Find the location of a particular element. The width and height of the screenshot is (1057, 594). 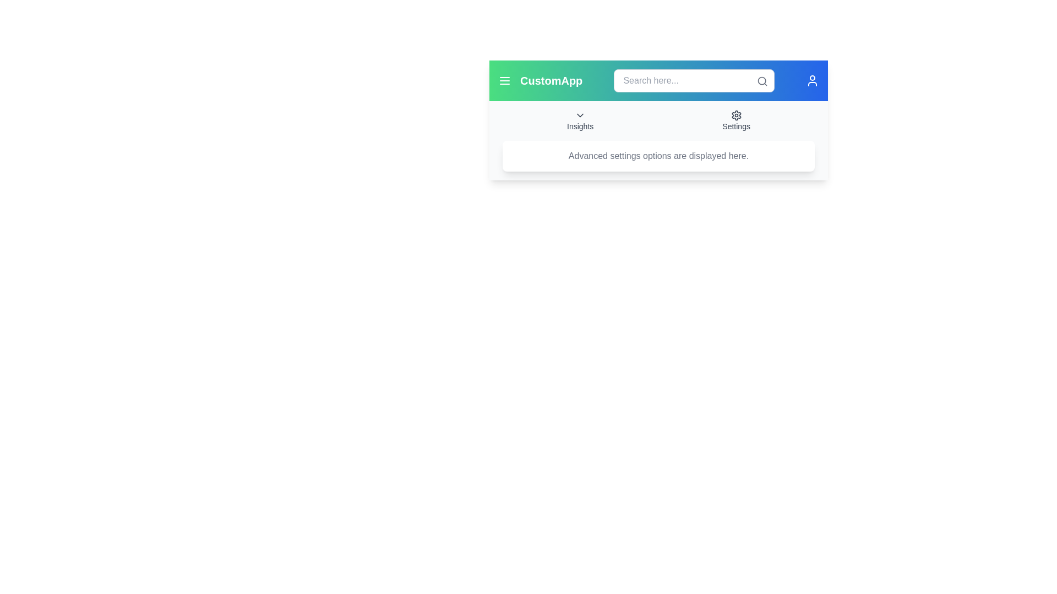

the search icon represented by a gray magnifying glass outline located in the top-right portion of the search input field is located at coordinates (761, 80).